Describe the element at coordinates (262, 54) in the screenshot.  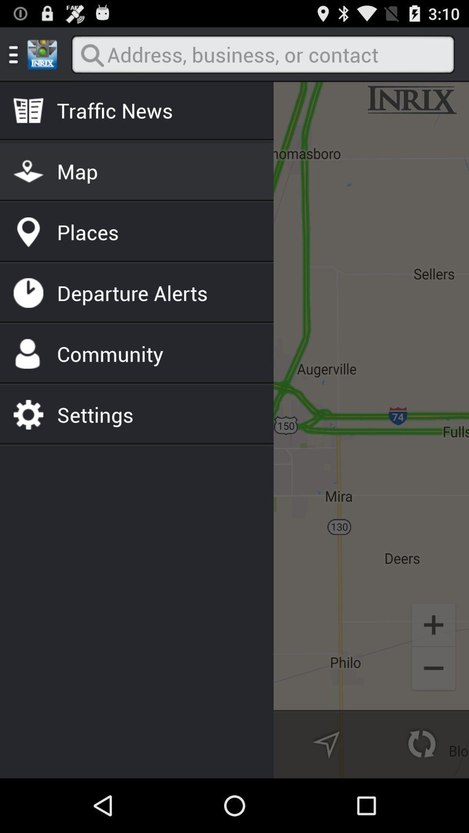
I see `address bar` at that location.